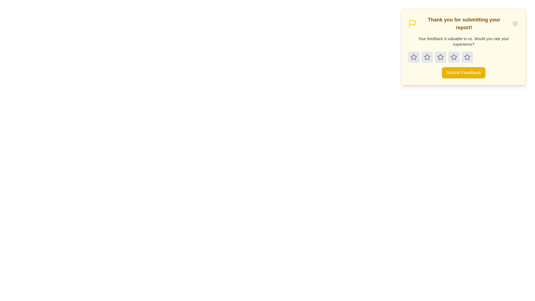 Image resolution: width=535 pixels, height=301 pixels. What do you see at coordinates (464, 72) in the screenshot?
I see `the 'Submit Feedback' button to submit the feedback` at bounding box center [464, 72].